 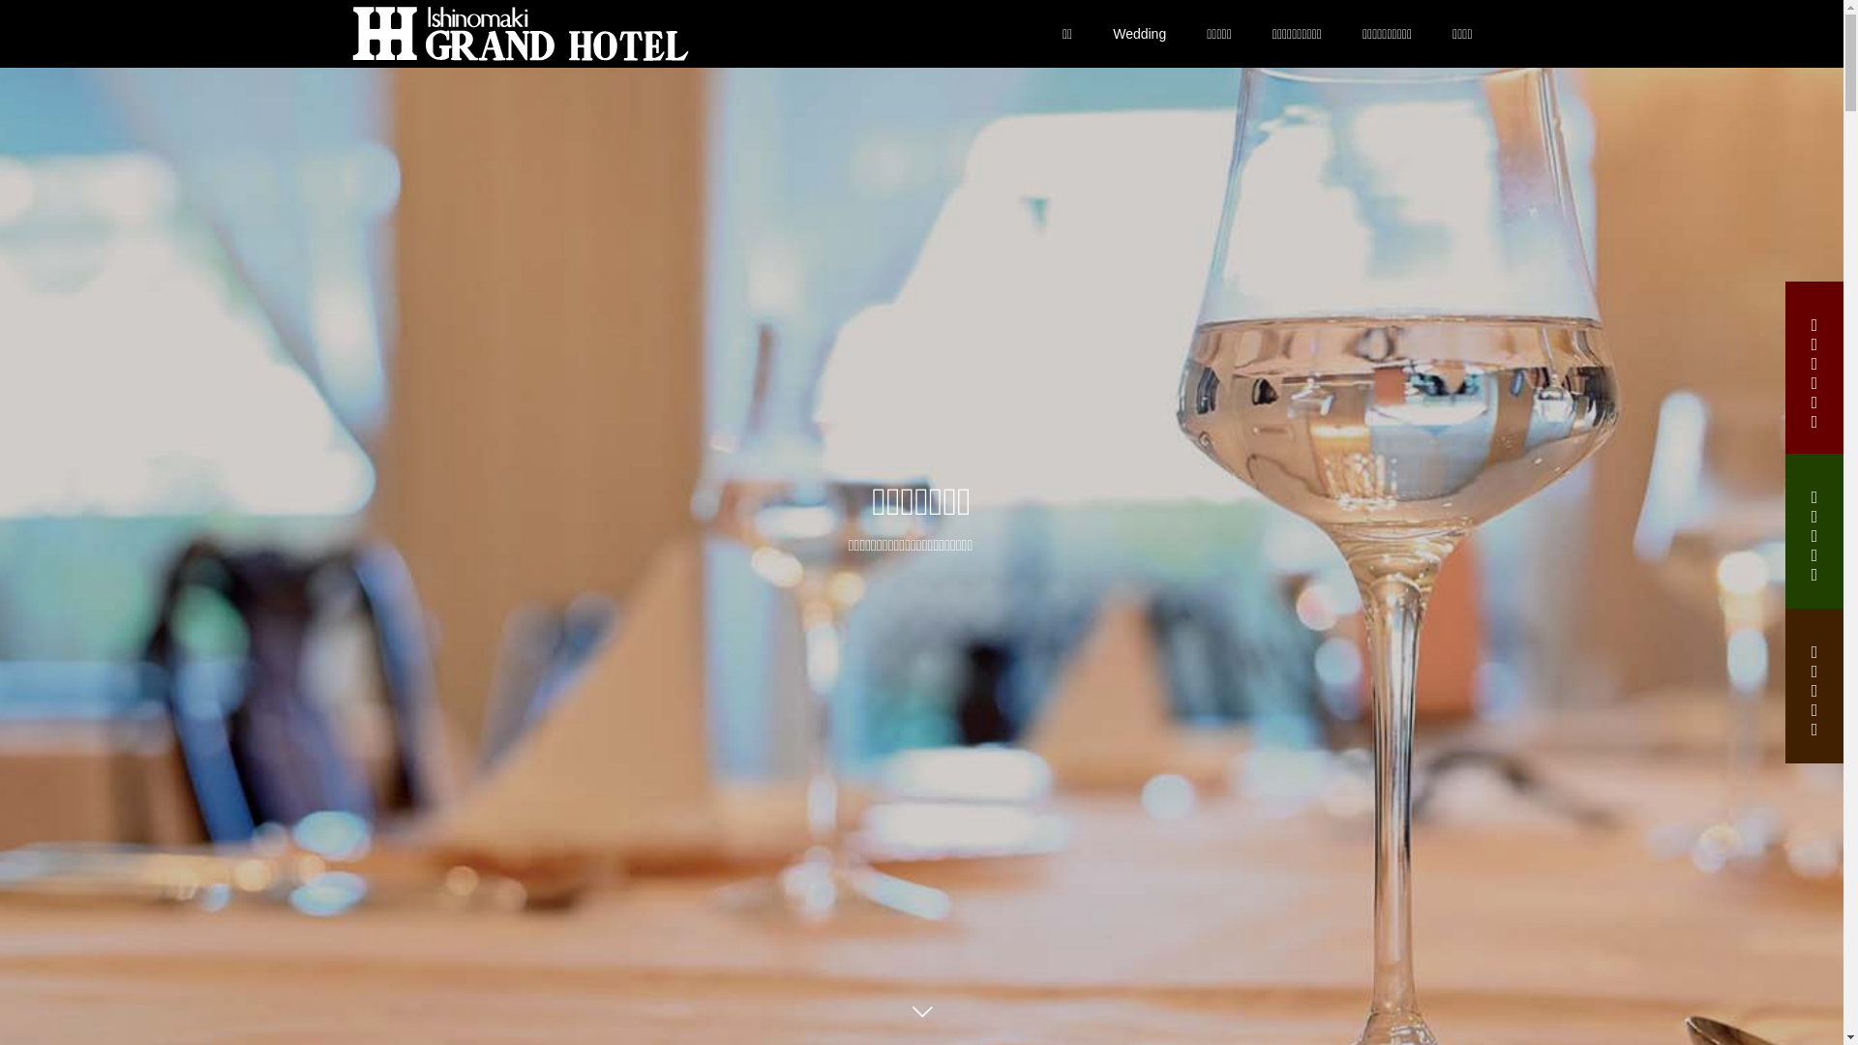 What do you see at coordinates (1139, 33) in the screenshot?
I see `'Wedding'` at bounding box center [1139, 33].